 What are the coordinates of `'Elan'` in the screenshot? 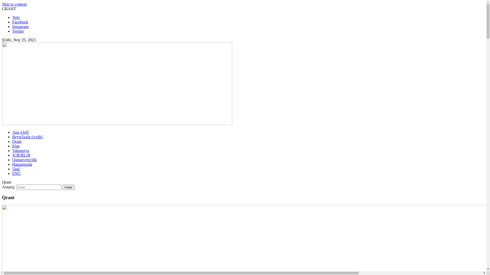 It's located at (16, 146).